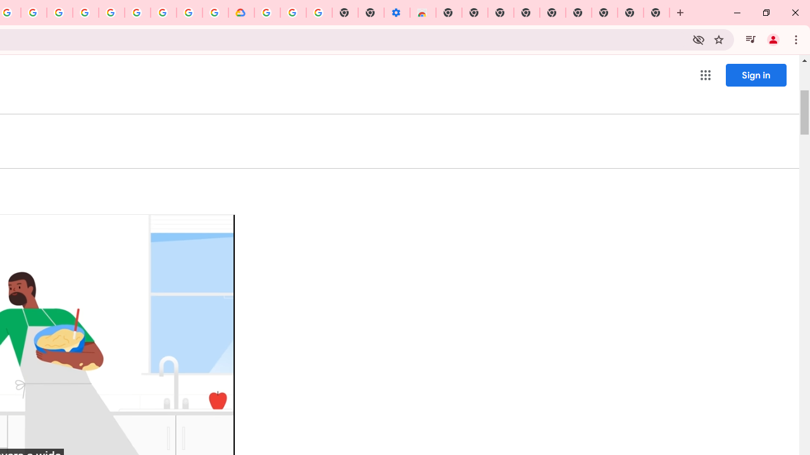 Image resolution: width=810 pixels, height=455 pixels. What do you see at coordinates (657, 13) in the screenshot?
I see `'New Tab'` at bounding box center [657, 13].